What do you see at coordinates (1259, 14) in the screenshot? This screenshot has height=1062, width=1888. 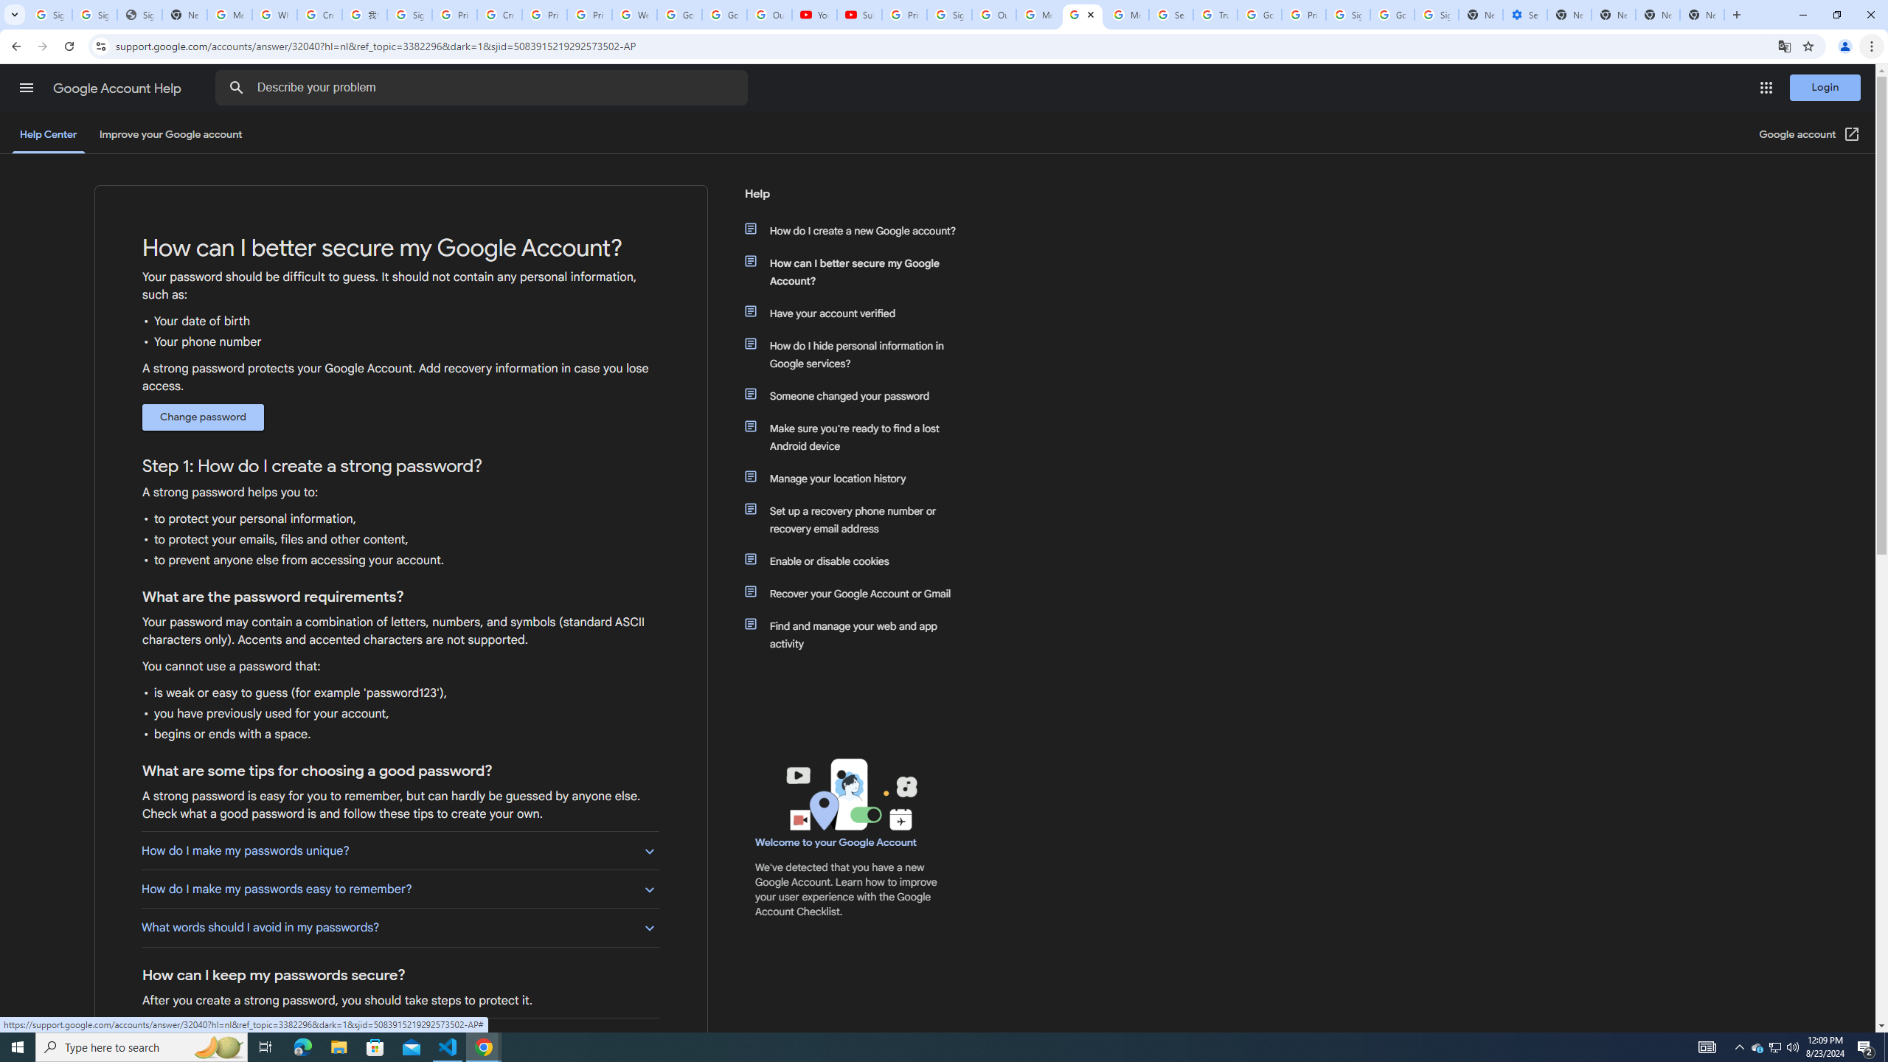 I see `'Google Ads - Sign in'` at bounding box center [1259, 14].